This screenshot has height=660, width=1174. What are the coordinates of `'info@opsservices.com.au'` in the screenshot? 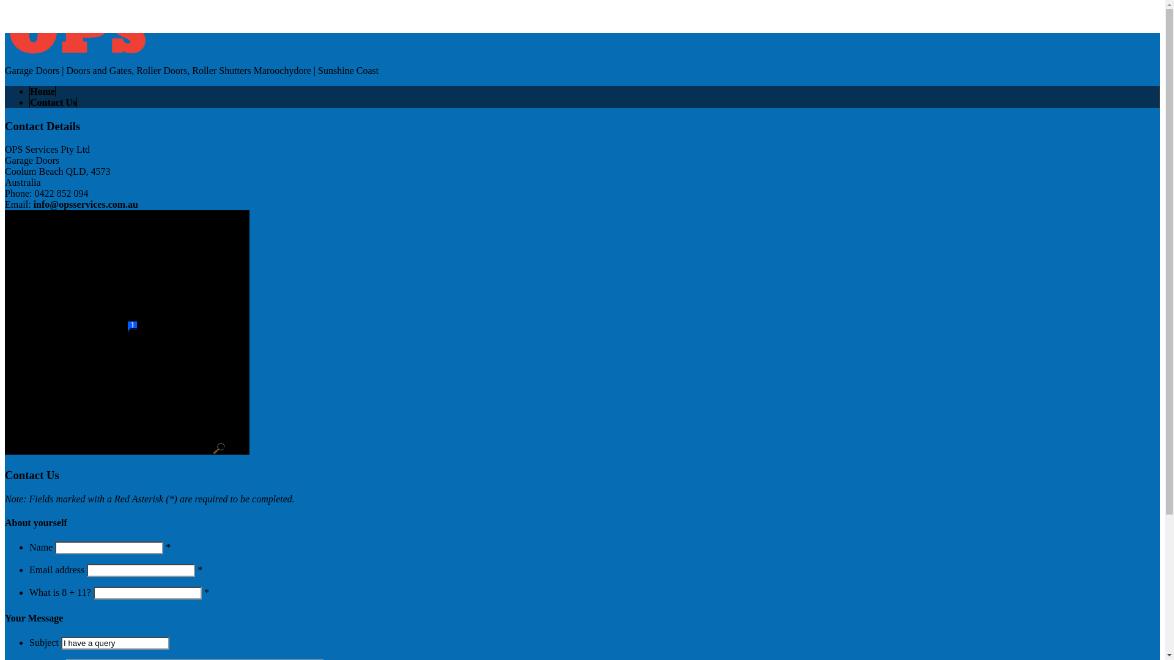 It's located at (85, 204).